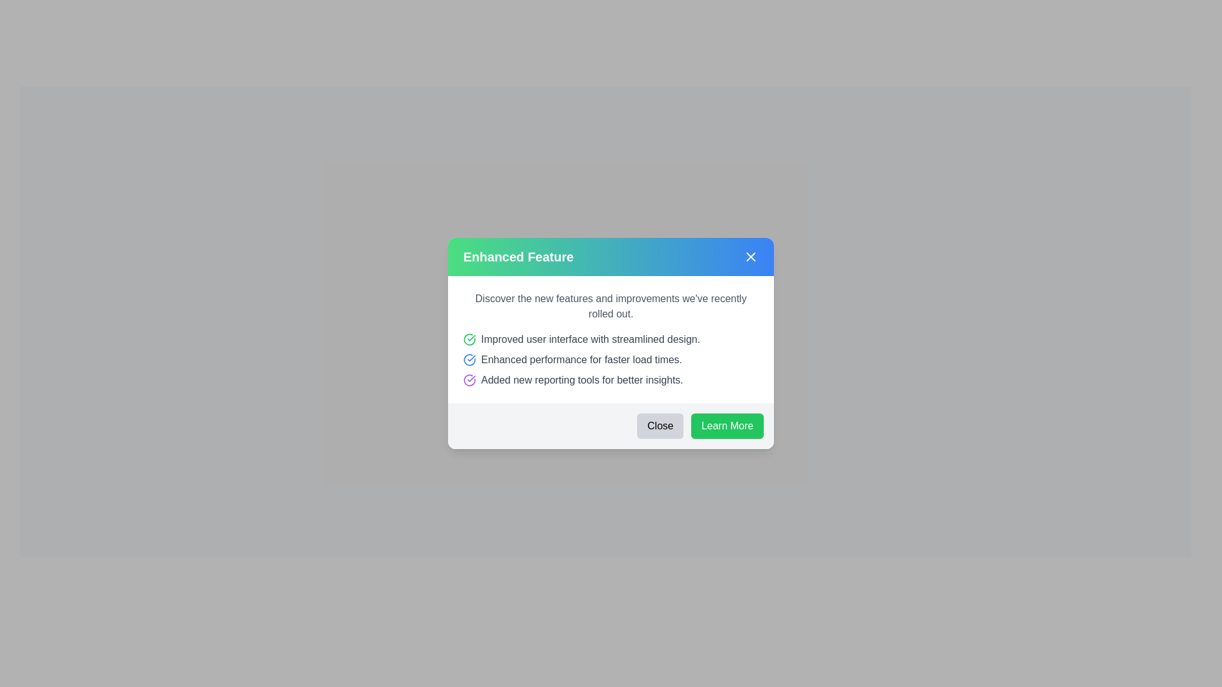 This screenshot has height=687, width=1222. I want to click on the close button represented by an 'X' icon in the top-right corner of the modal header titled 'Enhanced Feature' to observe the hover effect, so click(751, 257).